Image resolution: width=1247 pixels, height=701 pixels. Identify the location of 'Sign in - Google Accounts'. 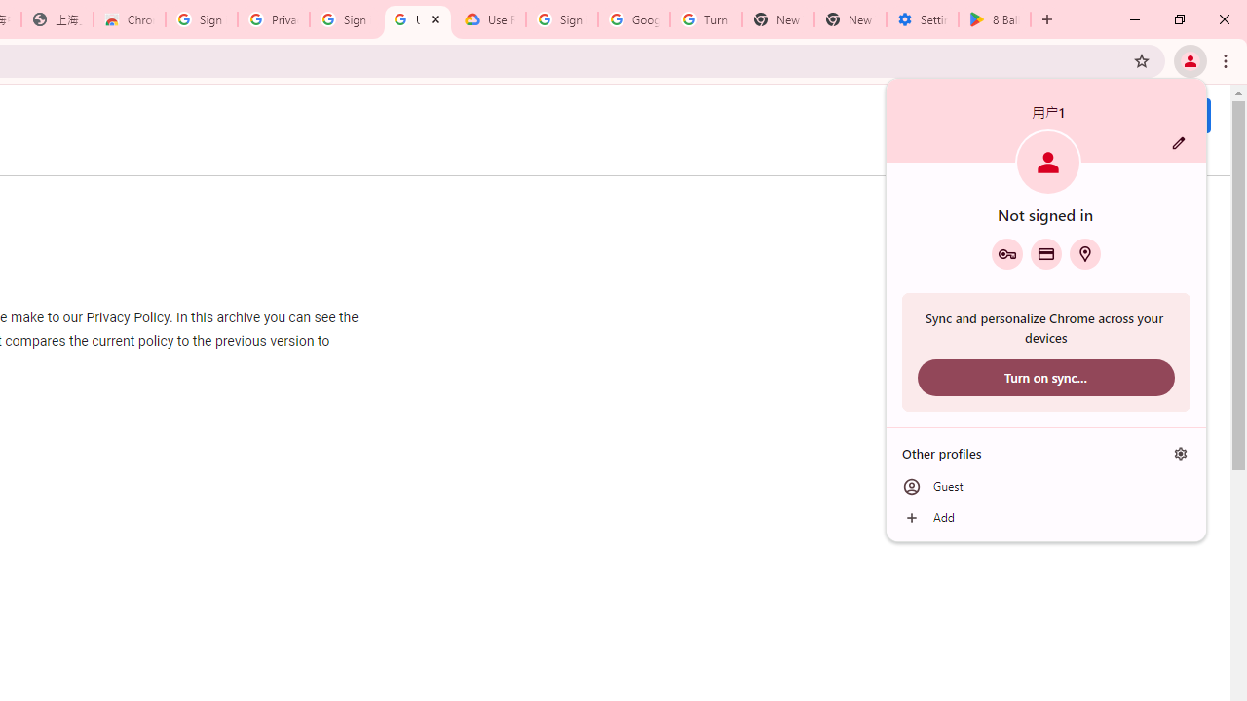
(561, 19).